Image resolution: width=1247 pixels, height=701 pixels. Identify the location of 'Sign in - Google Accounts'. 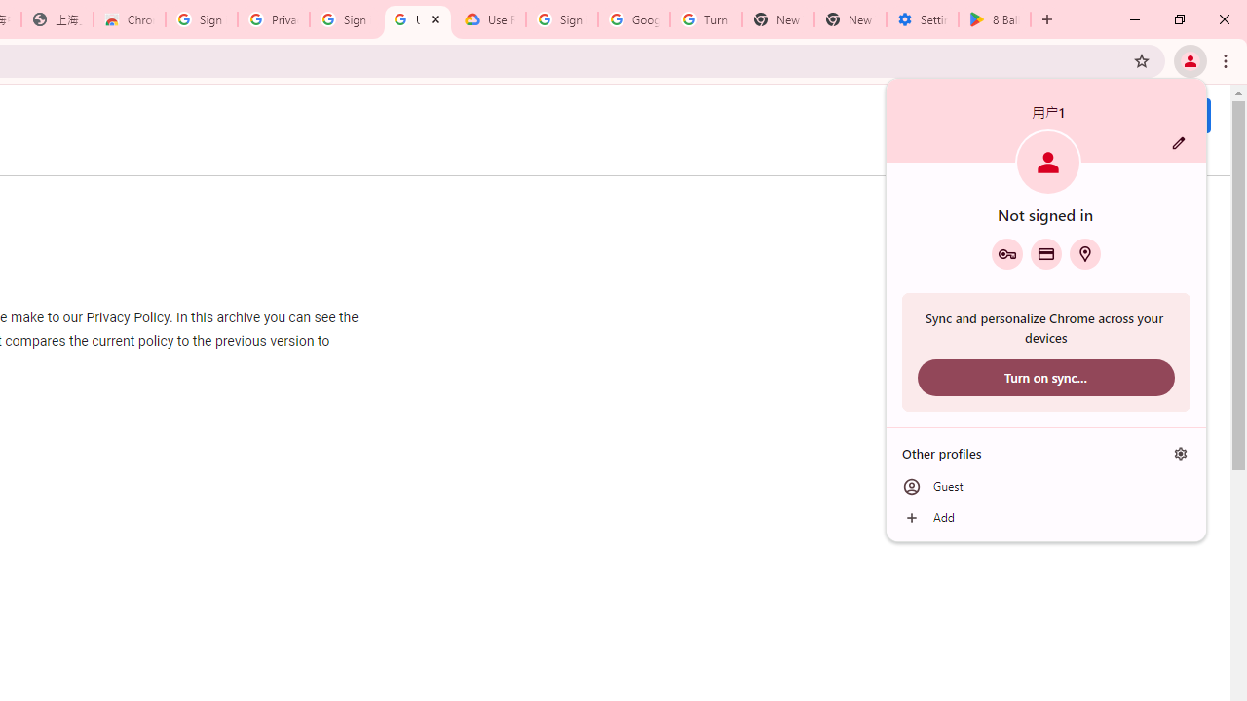
(561, 19).